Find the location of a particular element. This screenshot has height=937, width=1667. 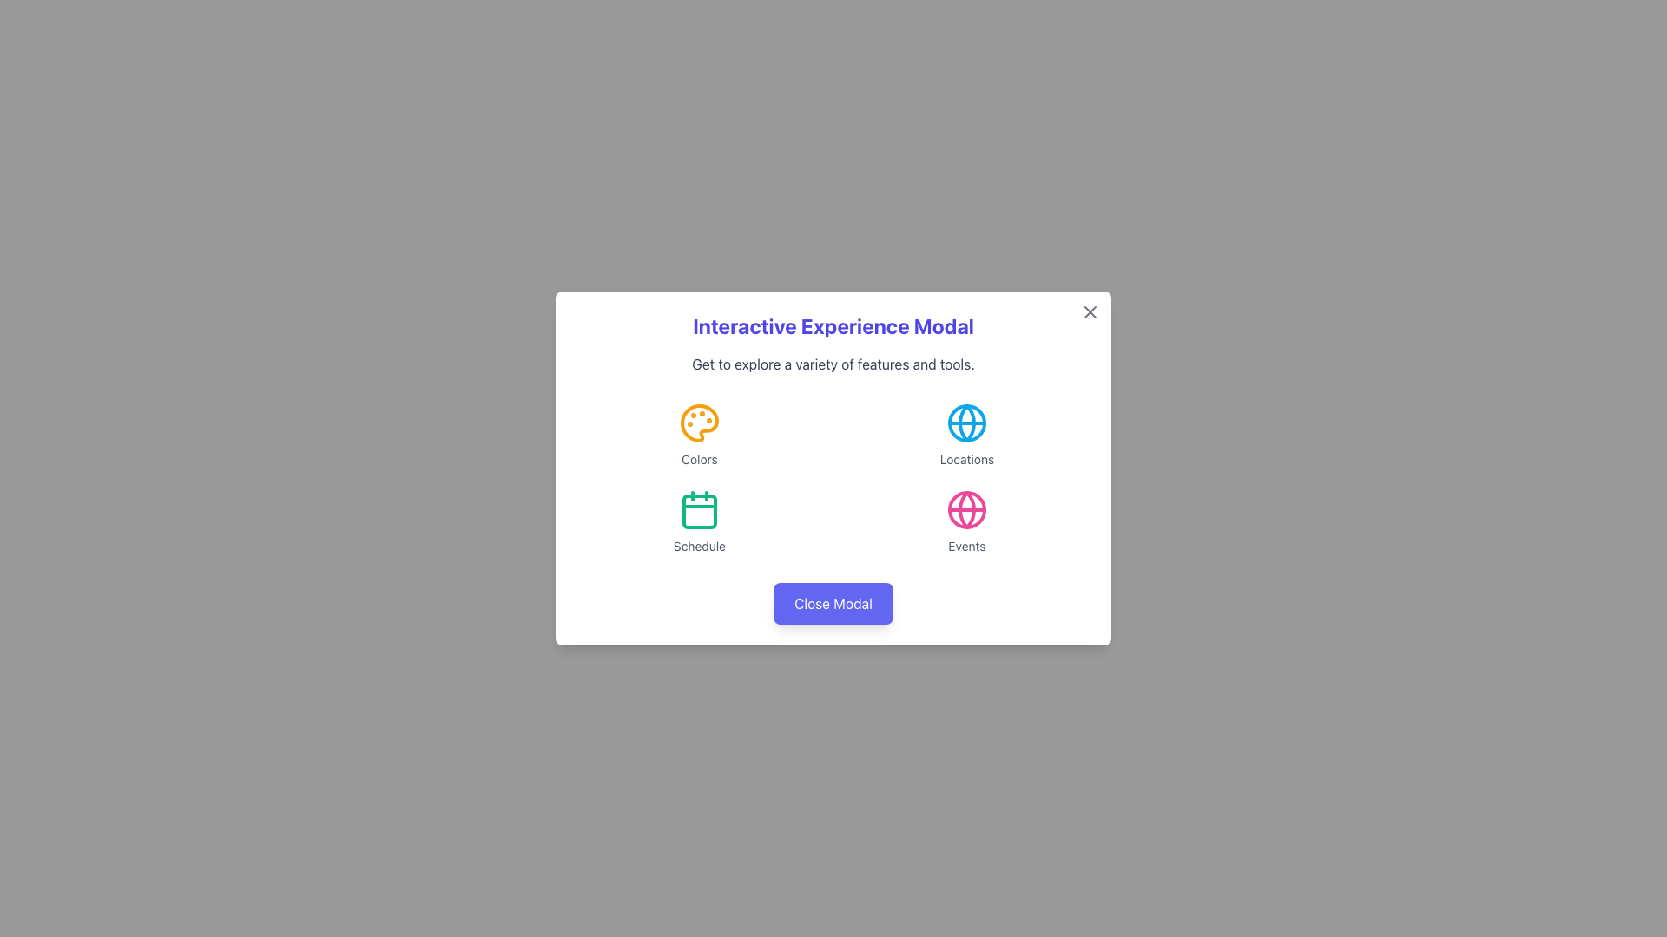

the 'Events' label, which is styled with a small gray font and positioned below a pink globe icon in the lower right corner of the central modal window is located at coordinates (965, 545).